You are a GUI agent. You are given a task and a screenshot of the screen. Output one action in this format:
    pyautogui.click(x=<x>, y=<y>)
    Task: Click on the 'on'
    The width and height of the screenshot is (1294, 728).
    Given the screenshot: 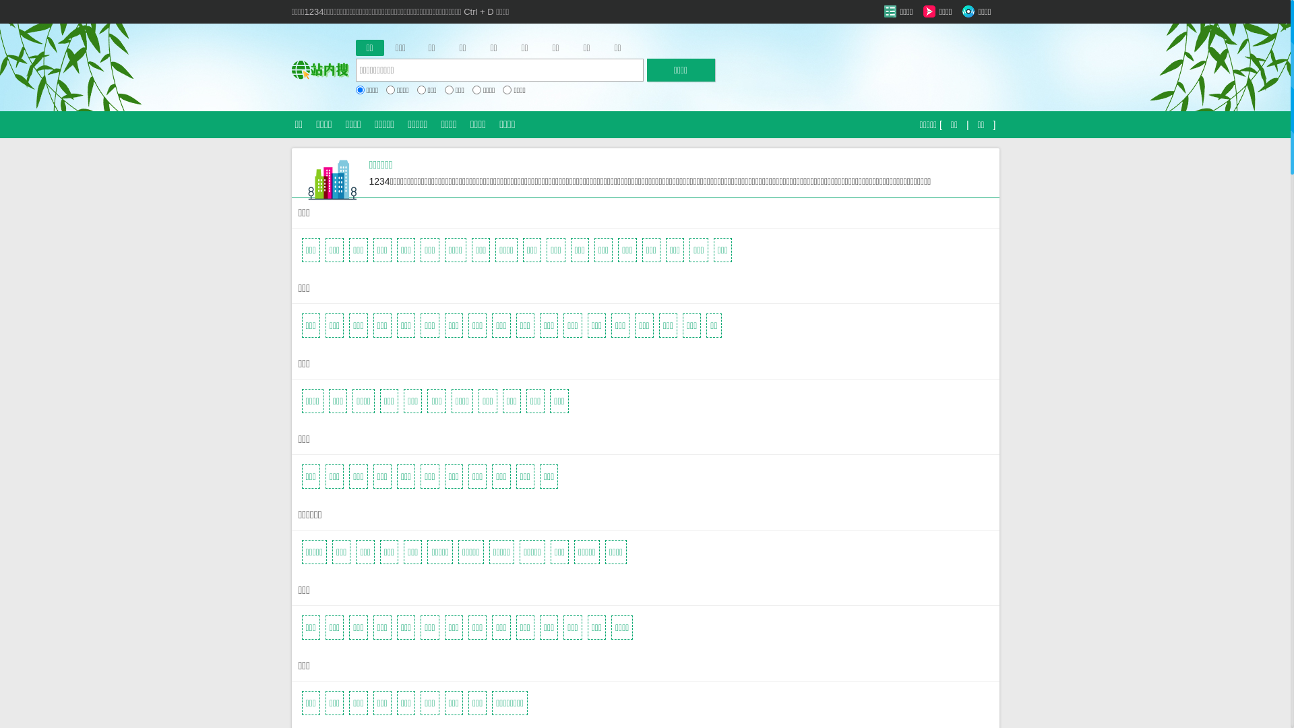 What is the action you would take?
    pyautogui.click(x=421, y=90)
    